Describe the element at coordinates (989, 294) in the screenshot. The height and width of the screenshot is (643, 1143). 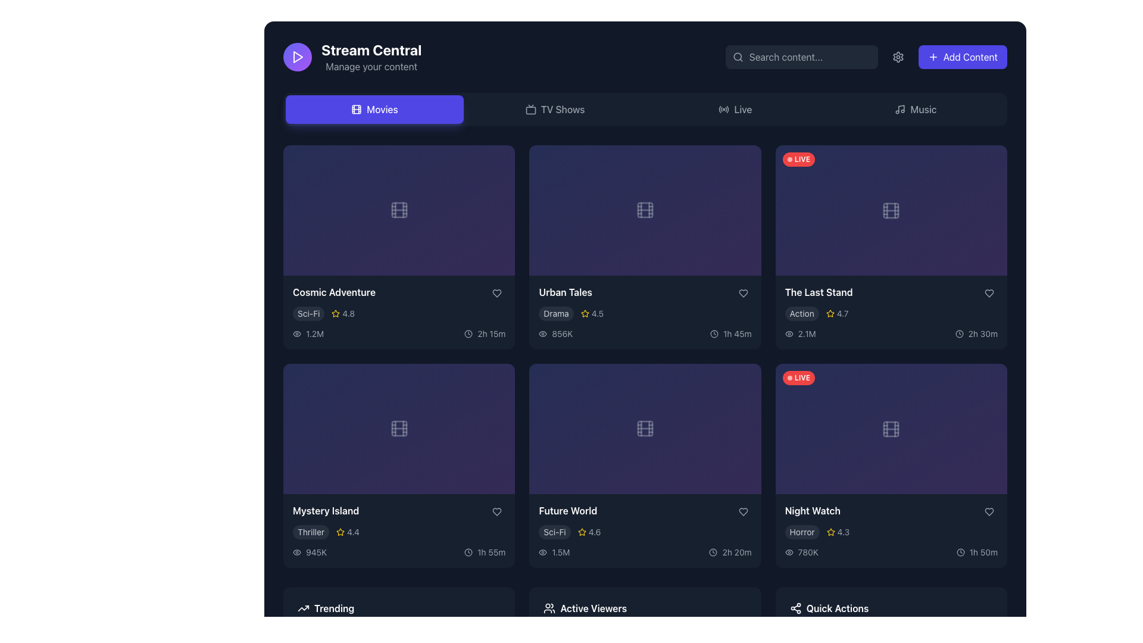
I see `the heart-shaped icon in the bottom-right corner of the movie 'The Last Stand' card` at that location.